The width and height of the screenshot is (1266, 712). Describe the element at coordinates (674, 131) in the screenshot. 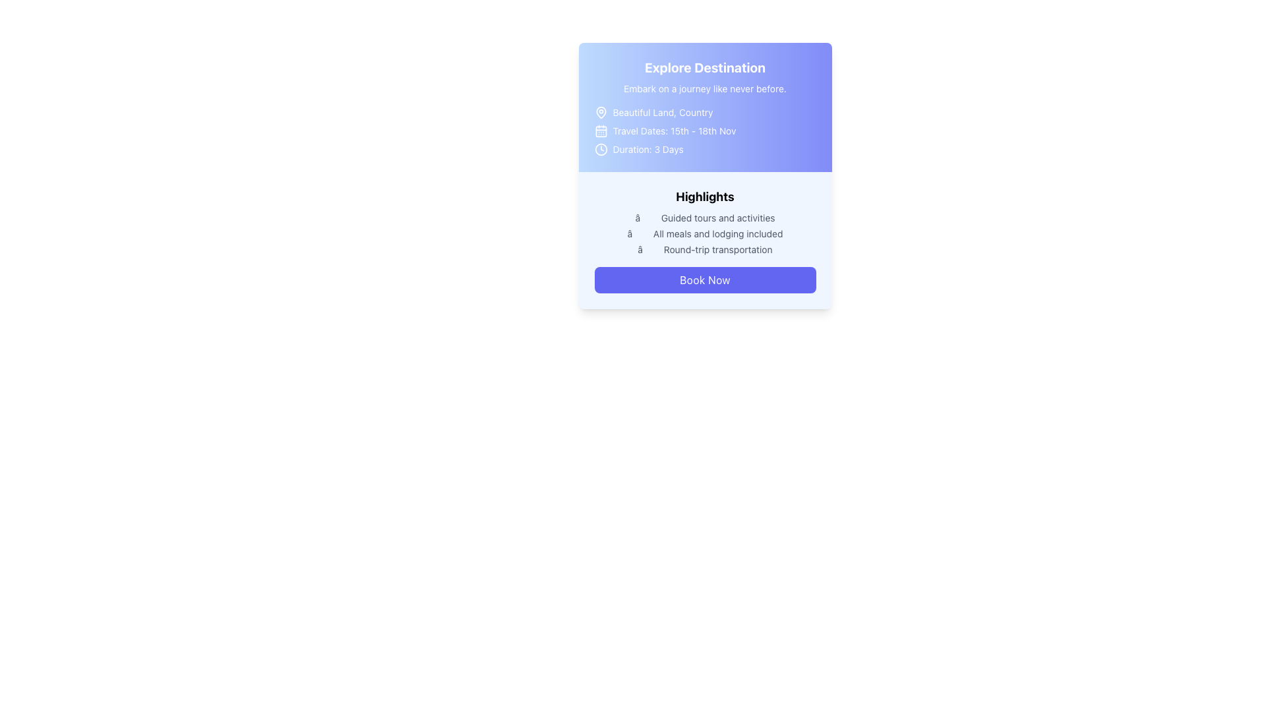

I see `the text component that displays 'Travel Dates: 15th - 18th Nov', which is the second item in a list structure under a heading` at that location.